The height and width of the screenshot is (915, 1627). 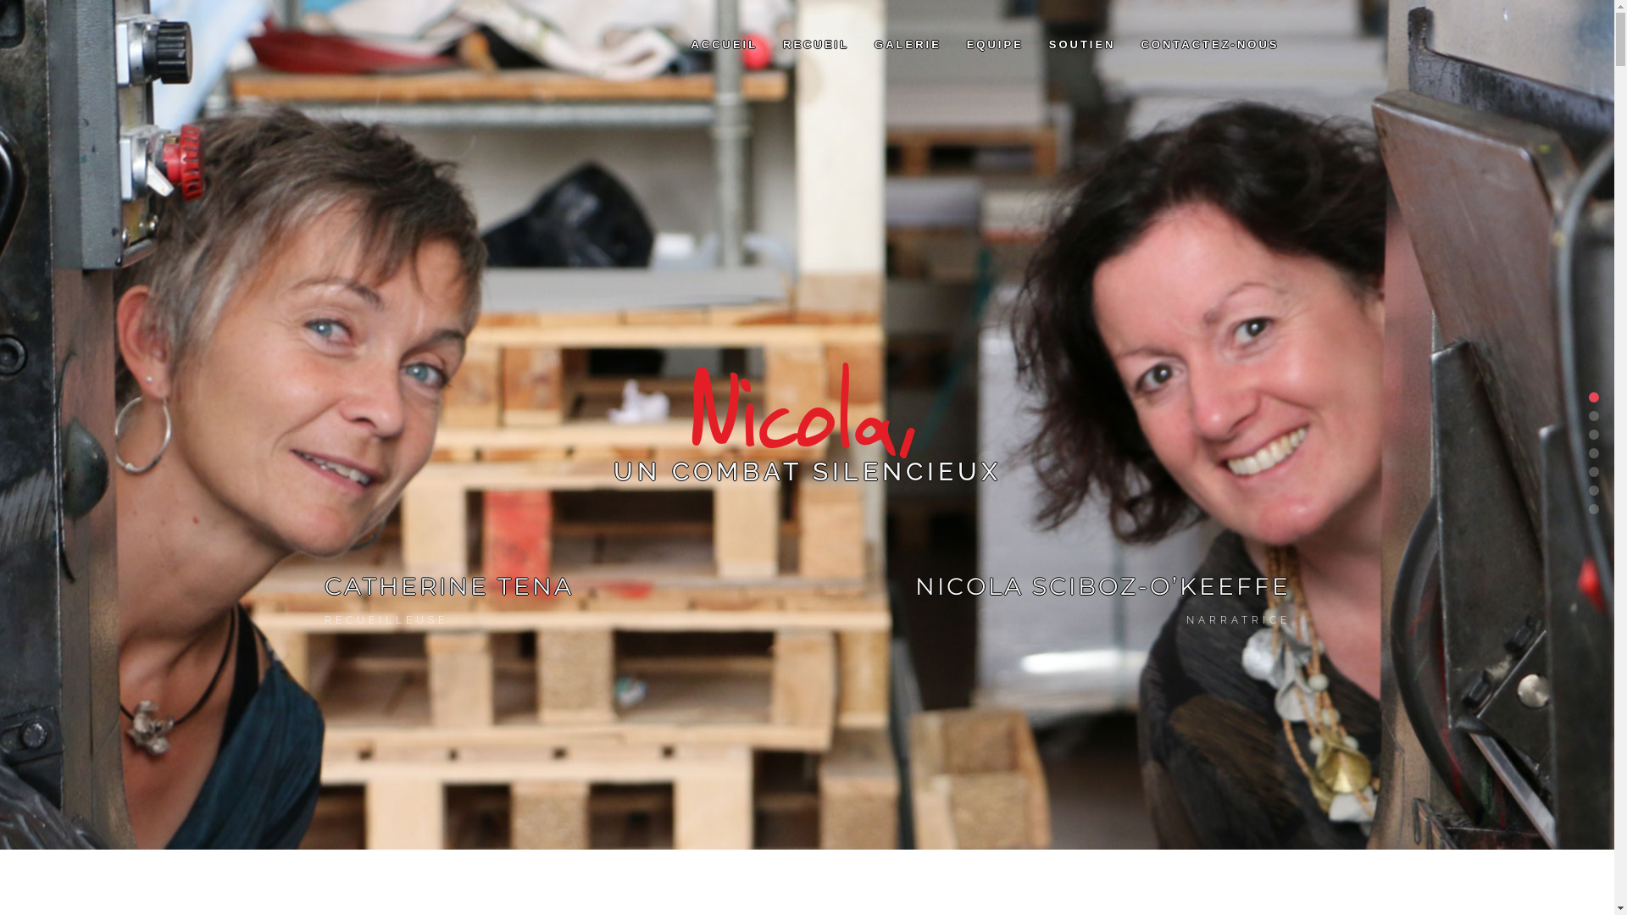 What do you see at coordinates (1208, 44) in the screenshot?
I see `'CONTACTEZ-NOUS'` at bounding box center [1208, 44].